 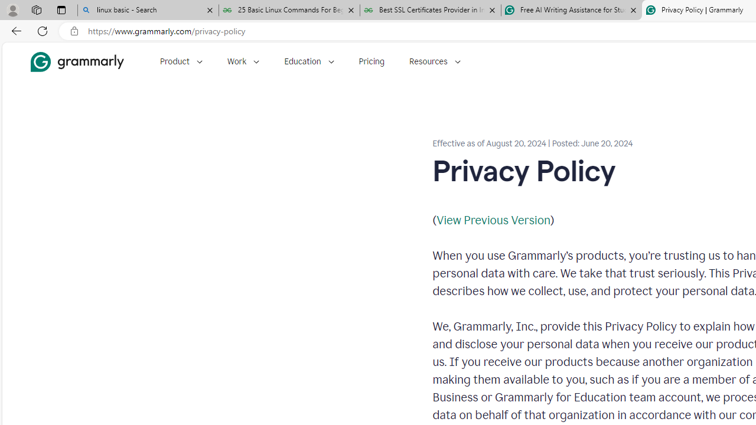 I want to click on 'Work', so click(x=243, y=61).